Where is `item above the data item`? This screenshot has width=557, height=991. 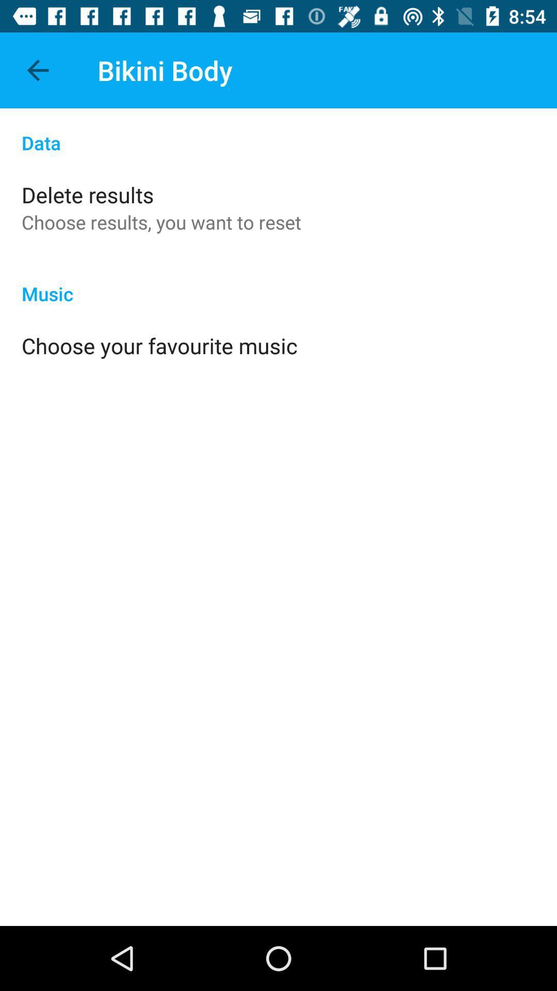 item above the data item is located at coordinates (37, 70).